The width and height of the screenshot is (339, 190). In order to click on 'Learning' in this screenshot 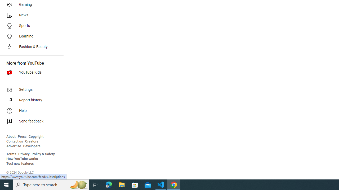, I will do `click(30, 36)`.